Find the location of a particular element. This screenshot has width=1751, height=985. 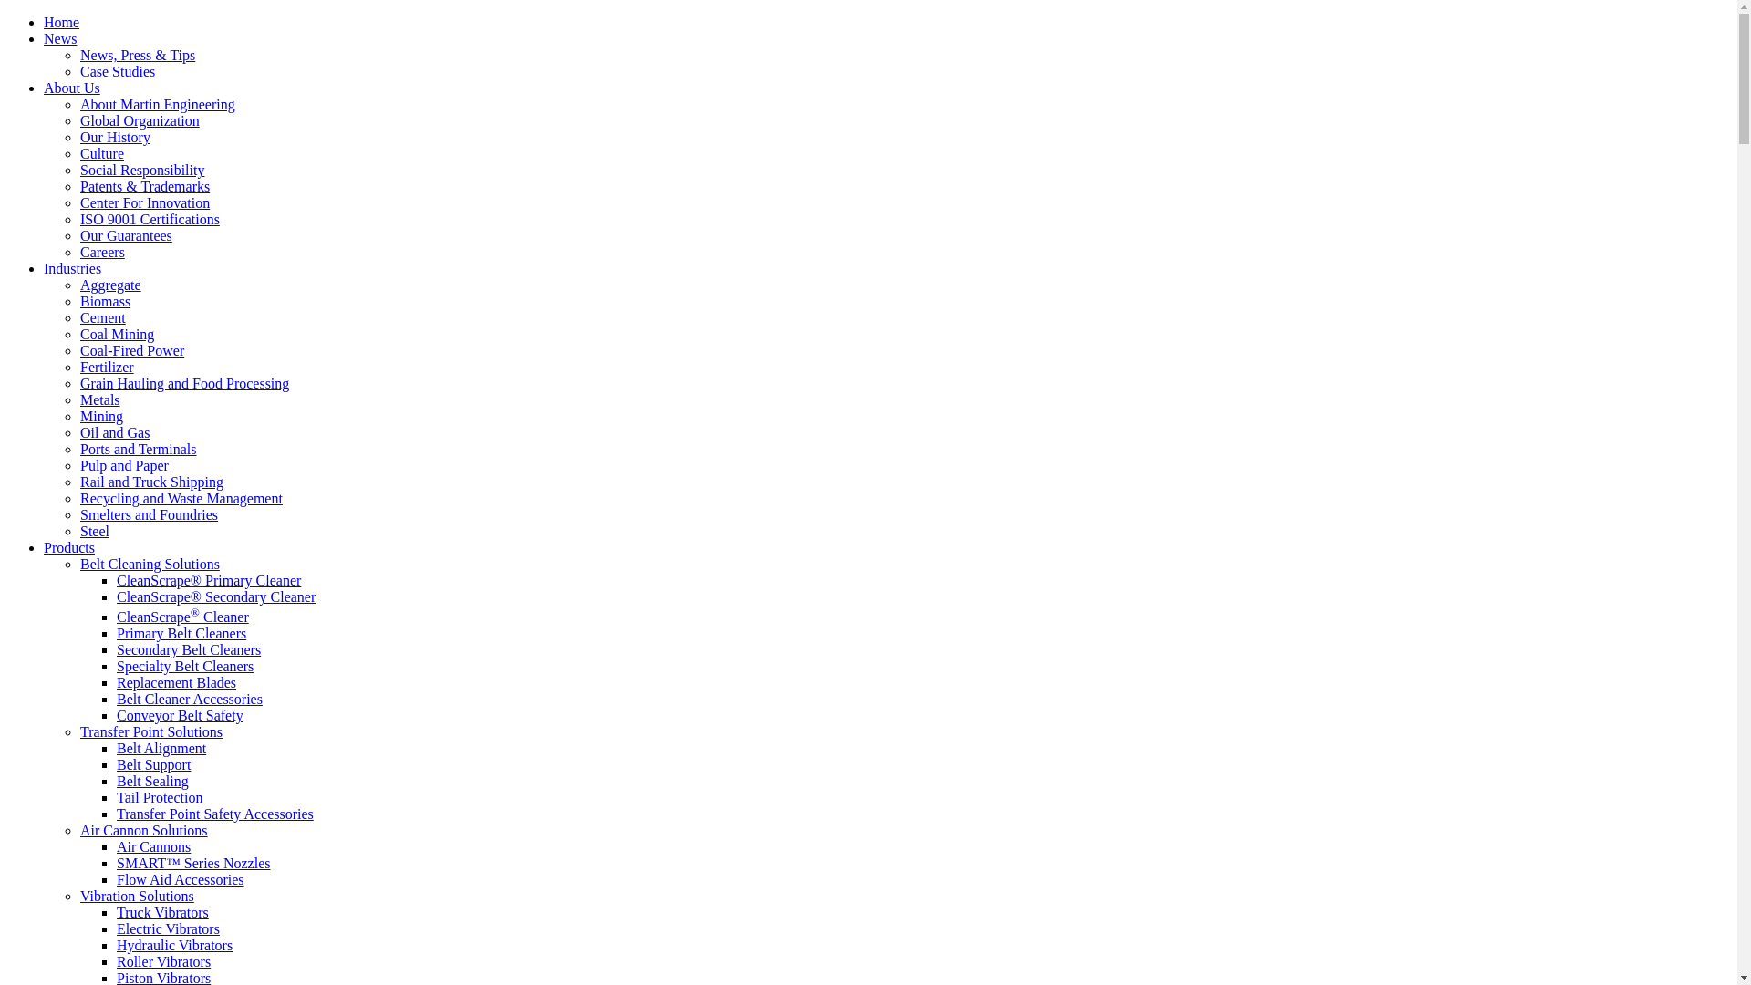

'Global Organization' is located at coordinates (139, 120).